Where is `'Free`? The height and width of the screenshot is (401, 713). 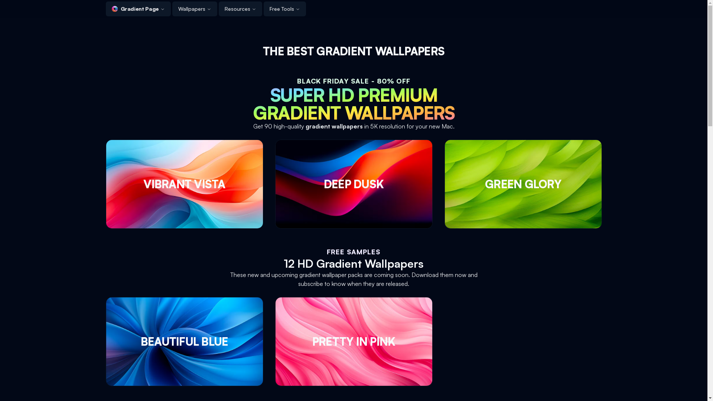
'Free is located at coordinates (284, 9).